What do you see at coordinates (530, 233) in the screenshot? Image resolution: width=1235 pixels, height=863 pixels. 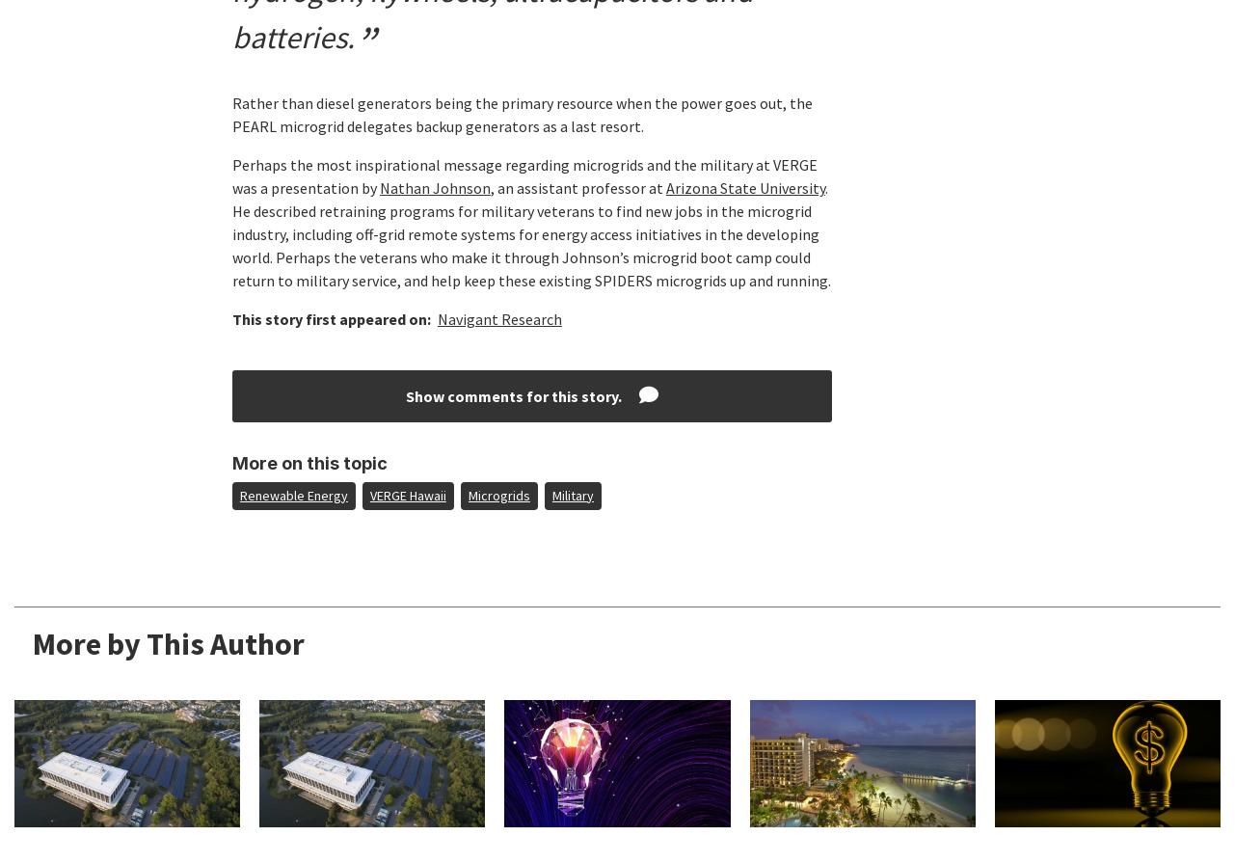 I see `'. He described retraining programs for military veterans to find new jobs in the microgrid industry, including off-grid remote systems for energy access initiatives in the developing world. Perhaps the veterans who make it through Johnson’s microgrid boot camp could return to military service, and help keep these existing SPIDERS microgrids up and running.'` at bounding box center [530, 233].